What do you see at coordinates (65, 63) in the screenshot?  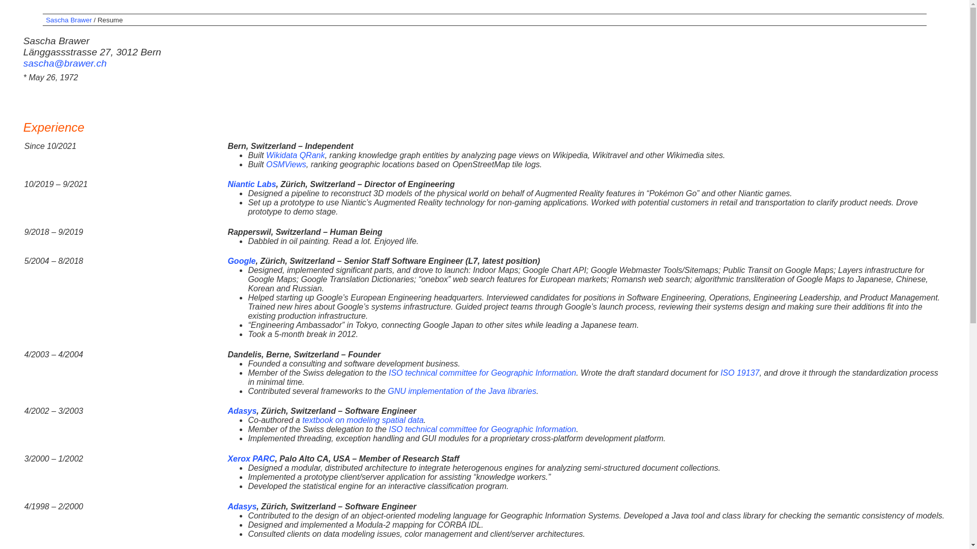 I see `'sascha@brawer.ch'` at bounding box center [65, 63].